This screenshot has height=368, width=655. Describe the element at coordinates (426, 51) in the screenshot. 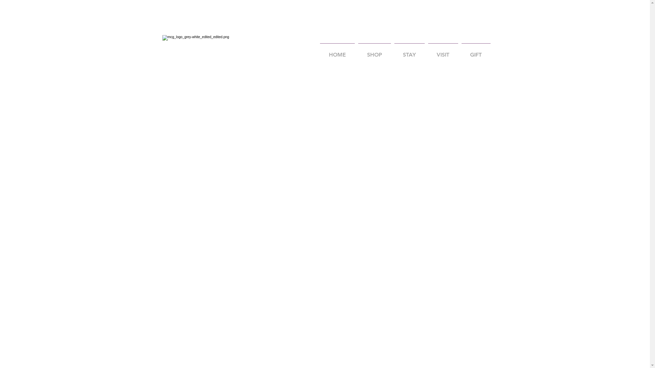

I see `'VISIT'` at that location.